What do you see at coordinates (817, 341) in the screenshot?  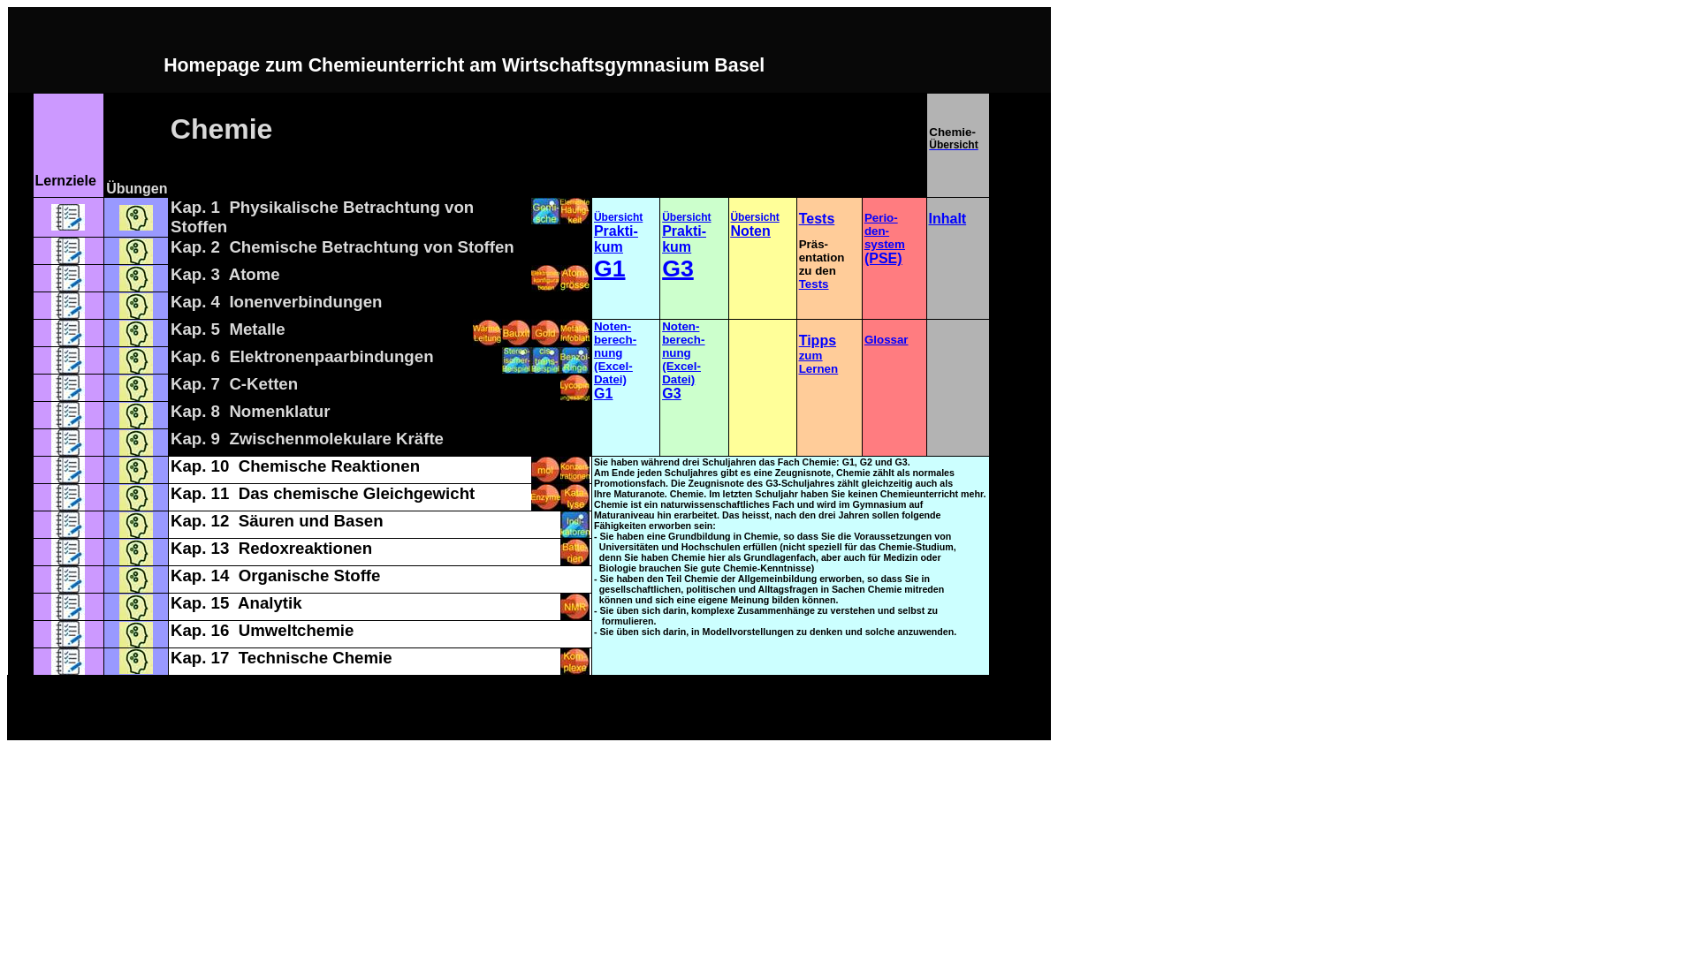 I see `'Tipps'` at bounding box center [817, 341].